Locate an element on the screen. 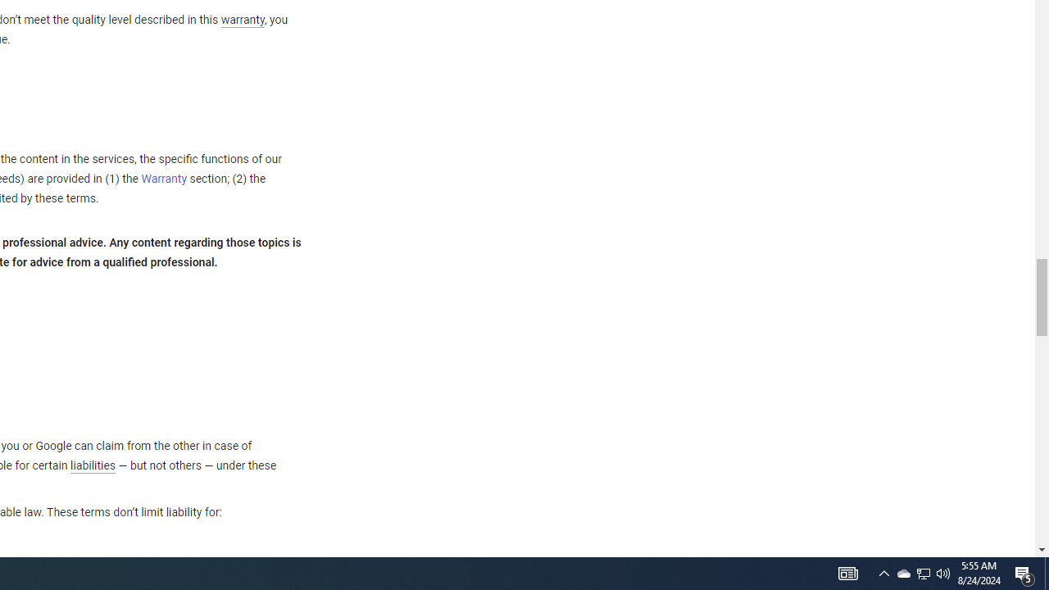 The width and height of the screenshot is (1049, 590). 'warranty' is located at coordinates (241, 20).